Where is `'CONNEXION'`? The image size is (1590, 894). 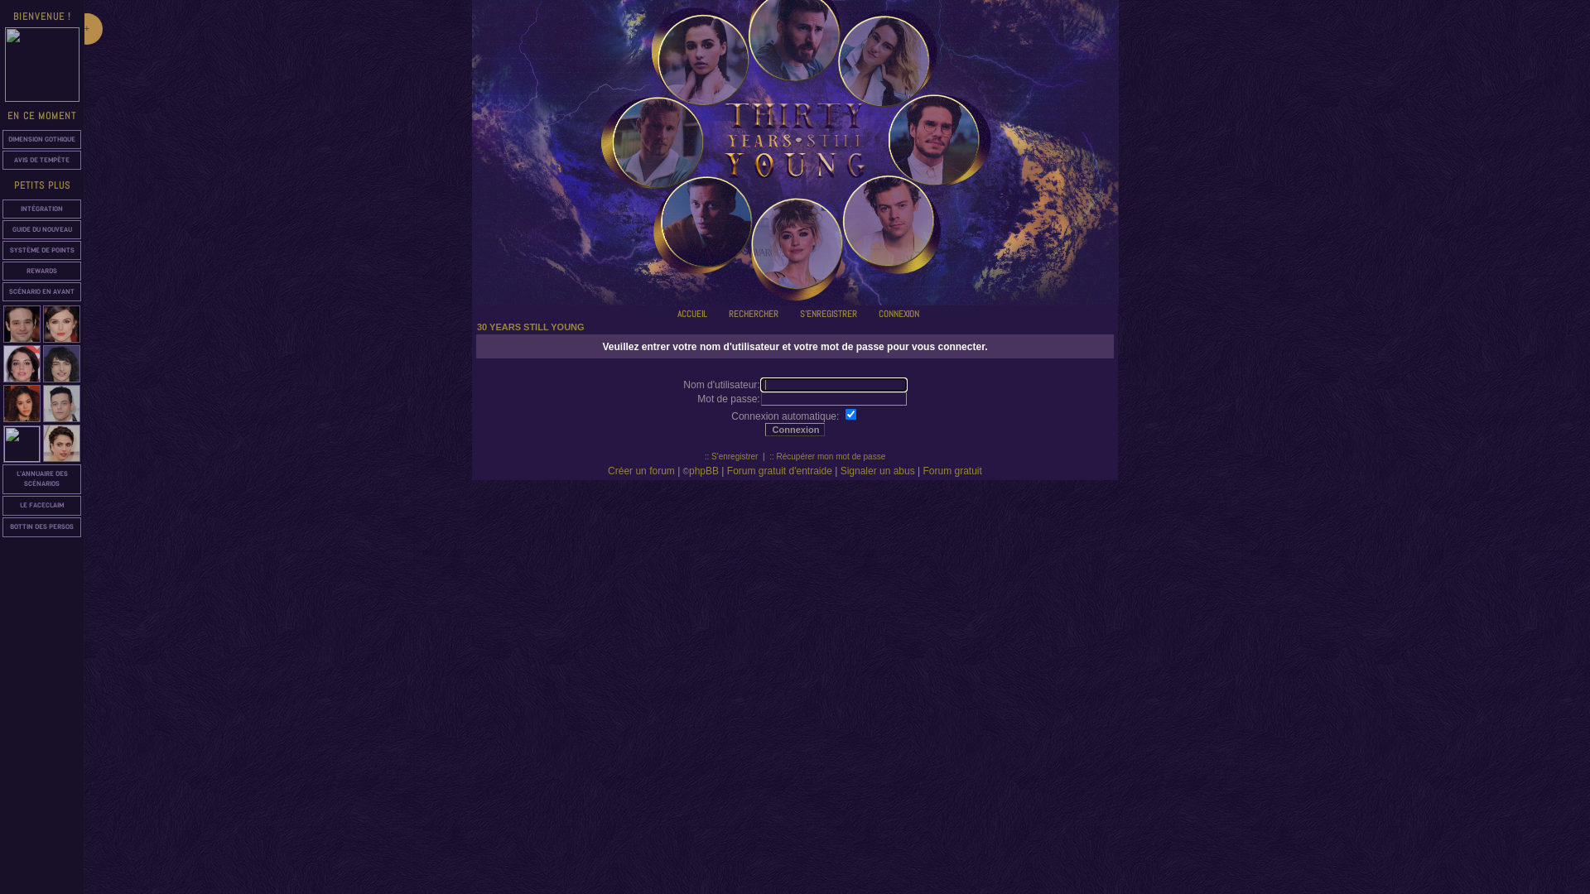
'CONNEXION' is located at coordinates (890, 313).